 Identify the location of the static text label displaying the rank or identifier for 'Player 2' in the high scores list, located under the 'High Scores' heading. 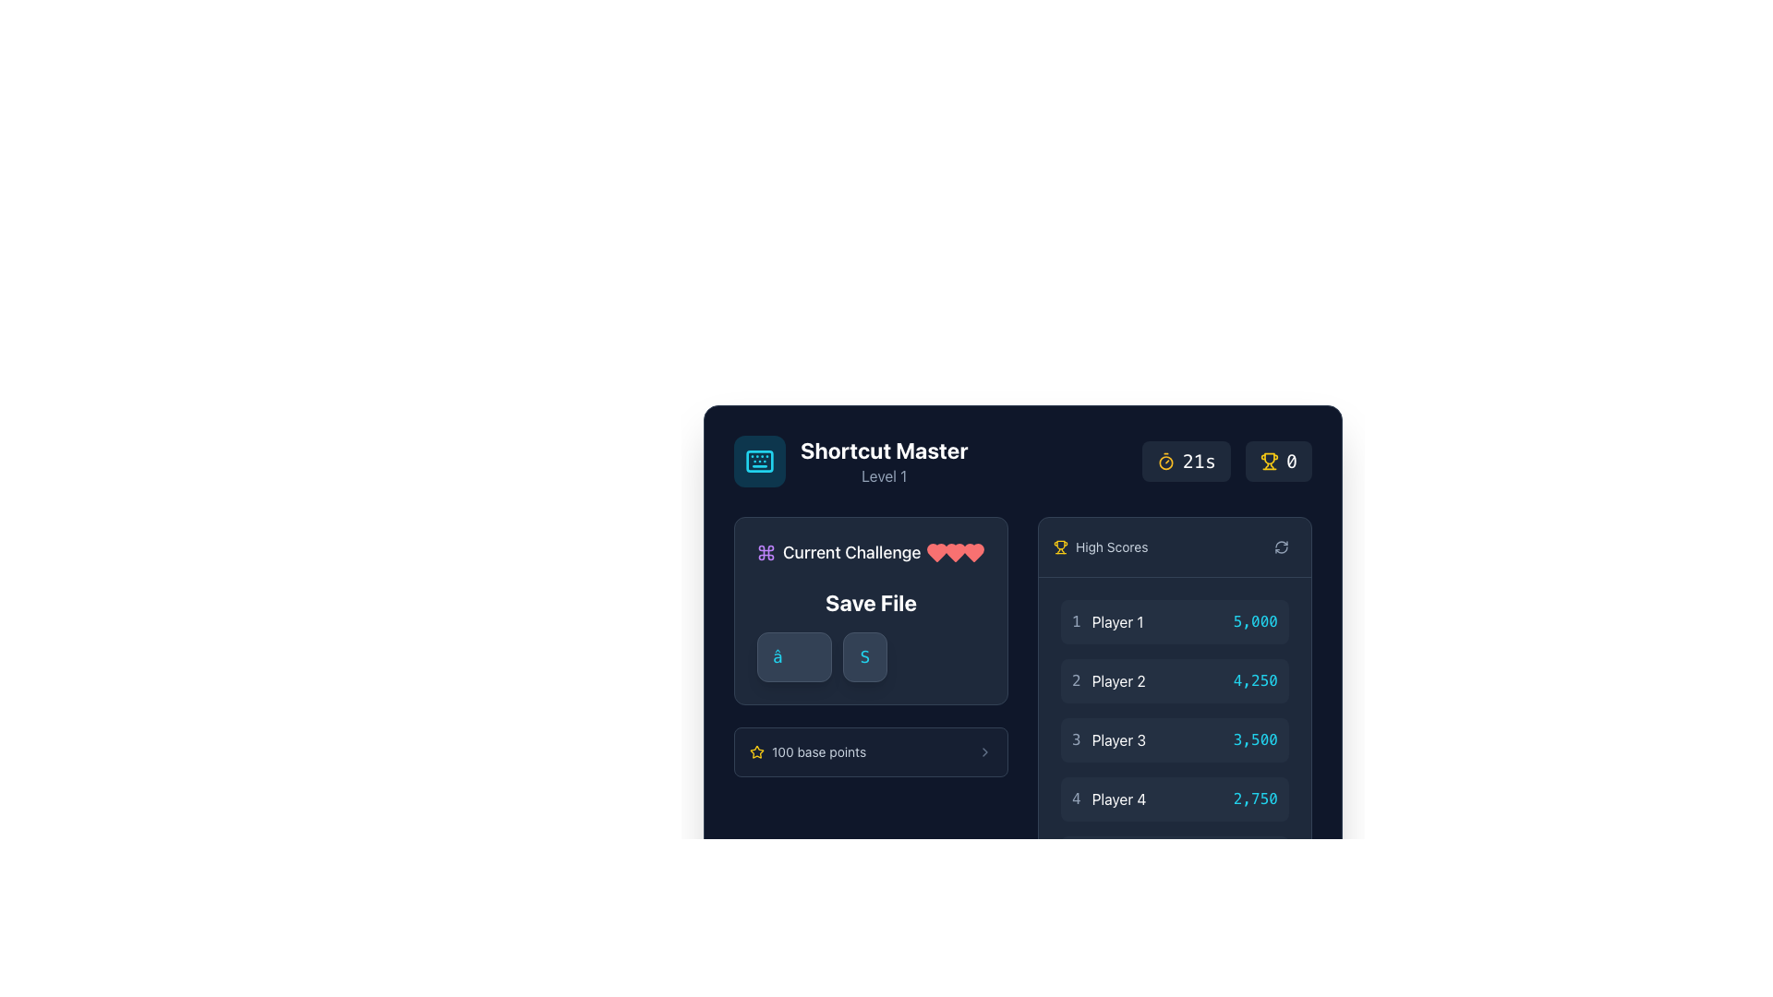
(1076, 680).